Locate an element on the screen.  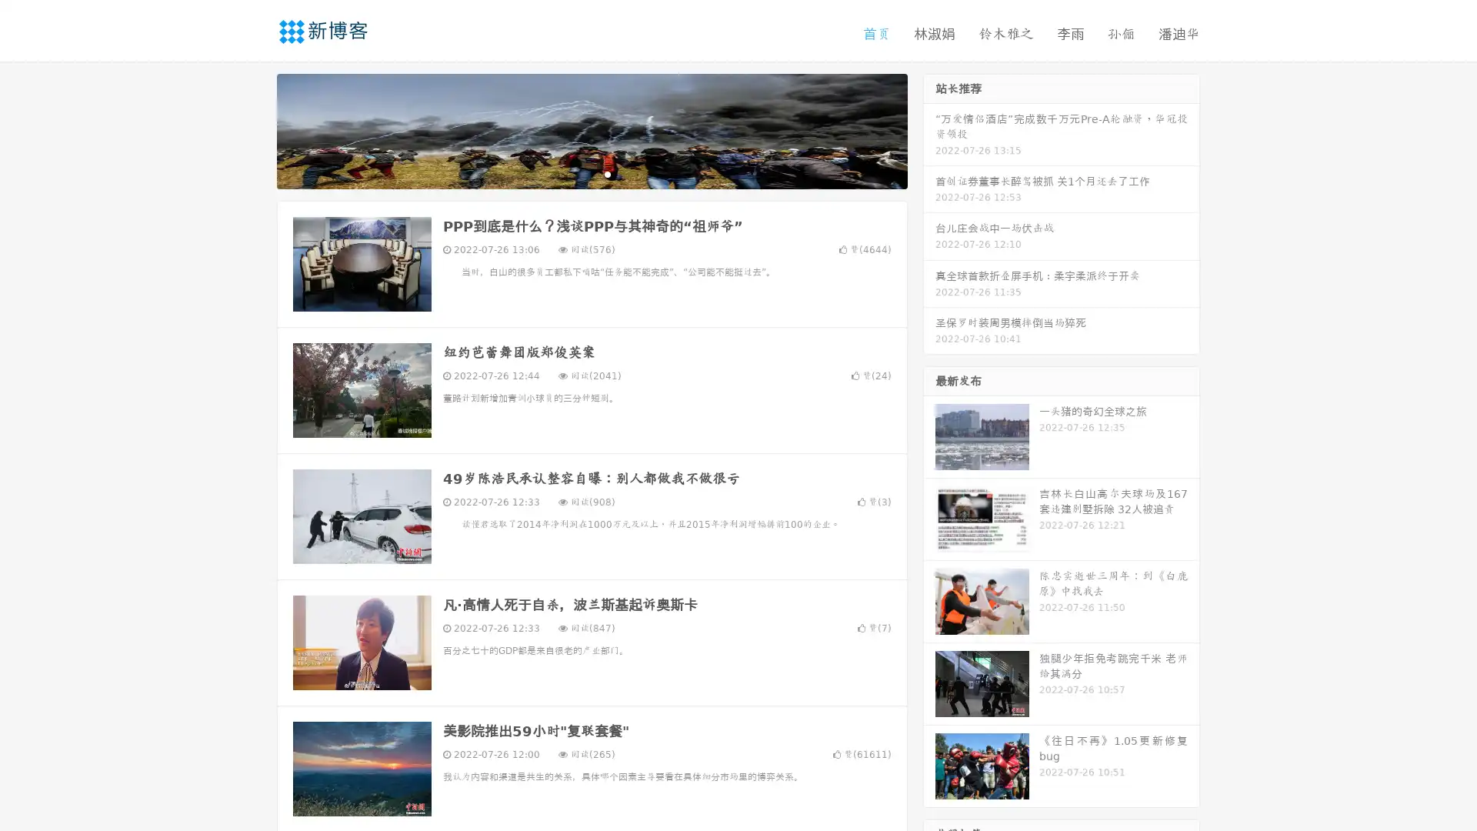
Go to slide 2 is located at coordinates (591, 173).